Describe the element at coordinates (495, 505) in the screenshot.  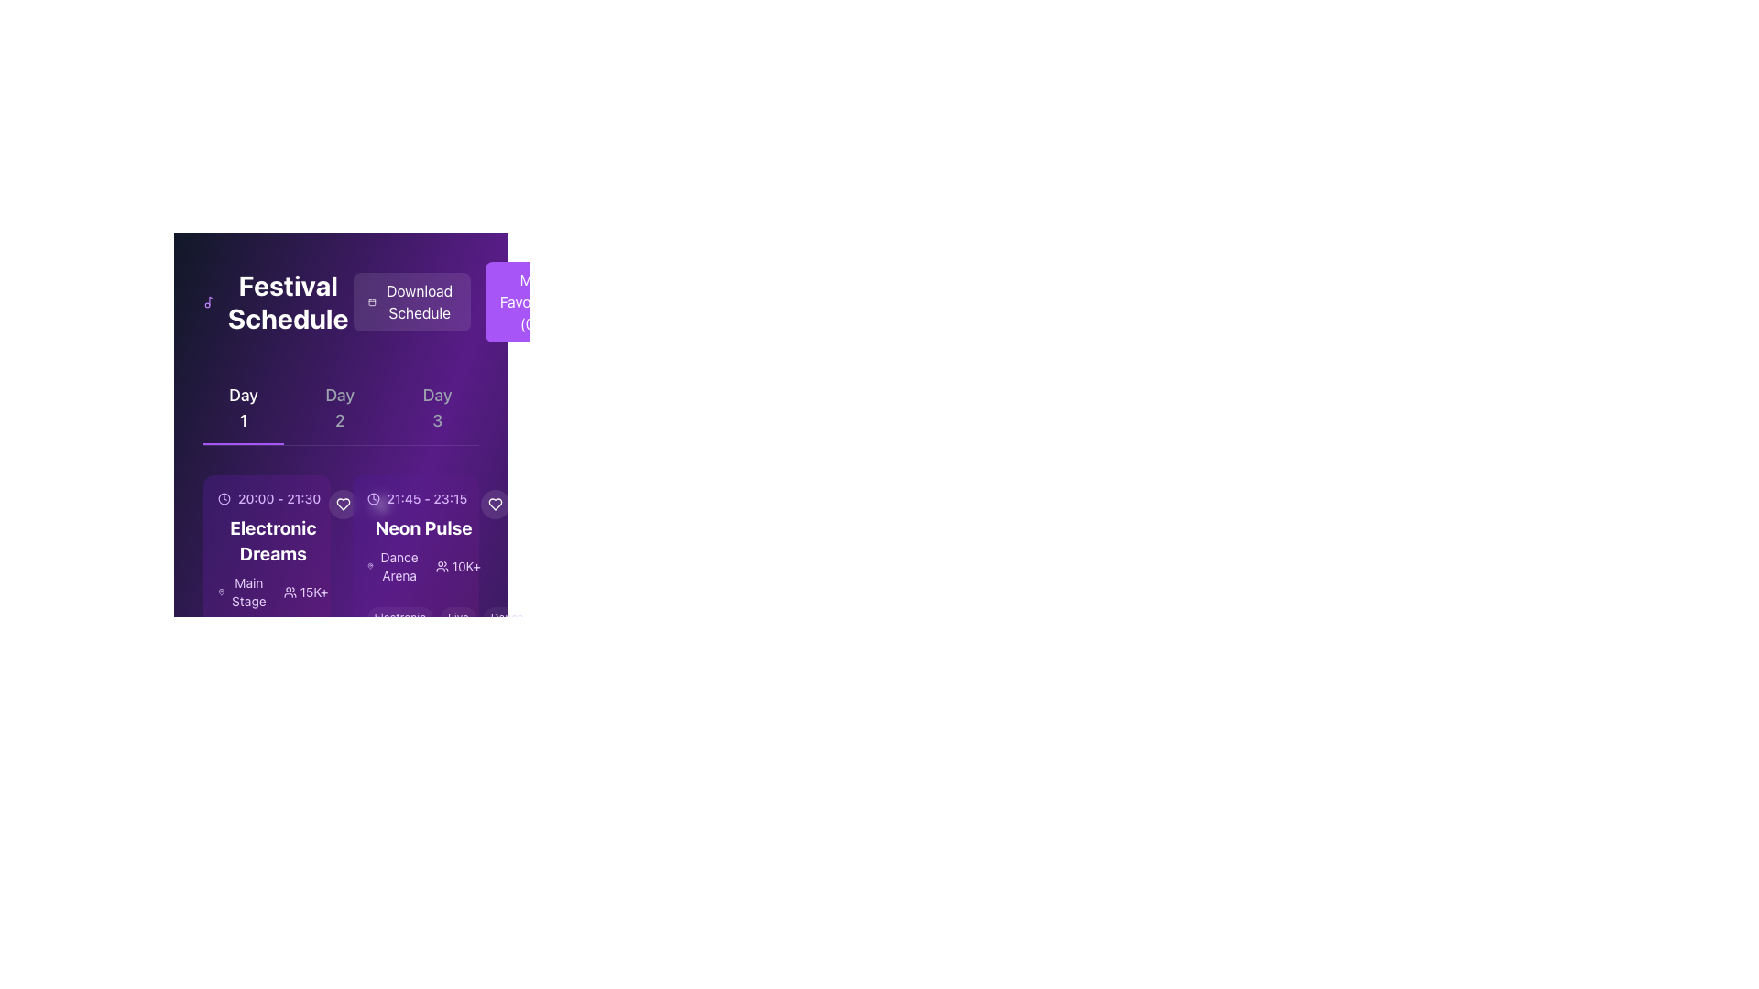
I see `the 'favorite' or 'like' button with an icon located in the upper-right corner of the 'Neon Pulse' card` at that location.